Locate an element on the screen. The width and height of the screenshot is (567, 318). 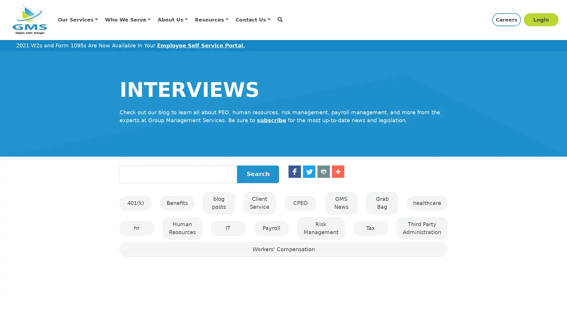
Share to Facebook Facebook is located at coordinates (305, 171).